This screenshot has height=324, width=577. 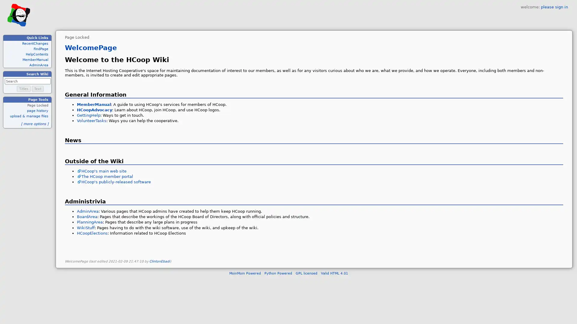 What do you see at coordinates (37, 89) in the screenshot?
I see `Text` at bounding box center [37, 89].